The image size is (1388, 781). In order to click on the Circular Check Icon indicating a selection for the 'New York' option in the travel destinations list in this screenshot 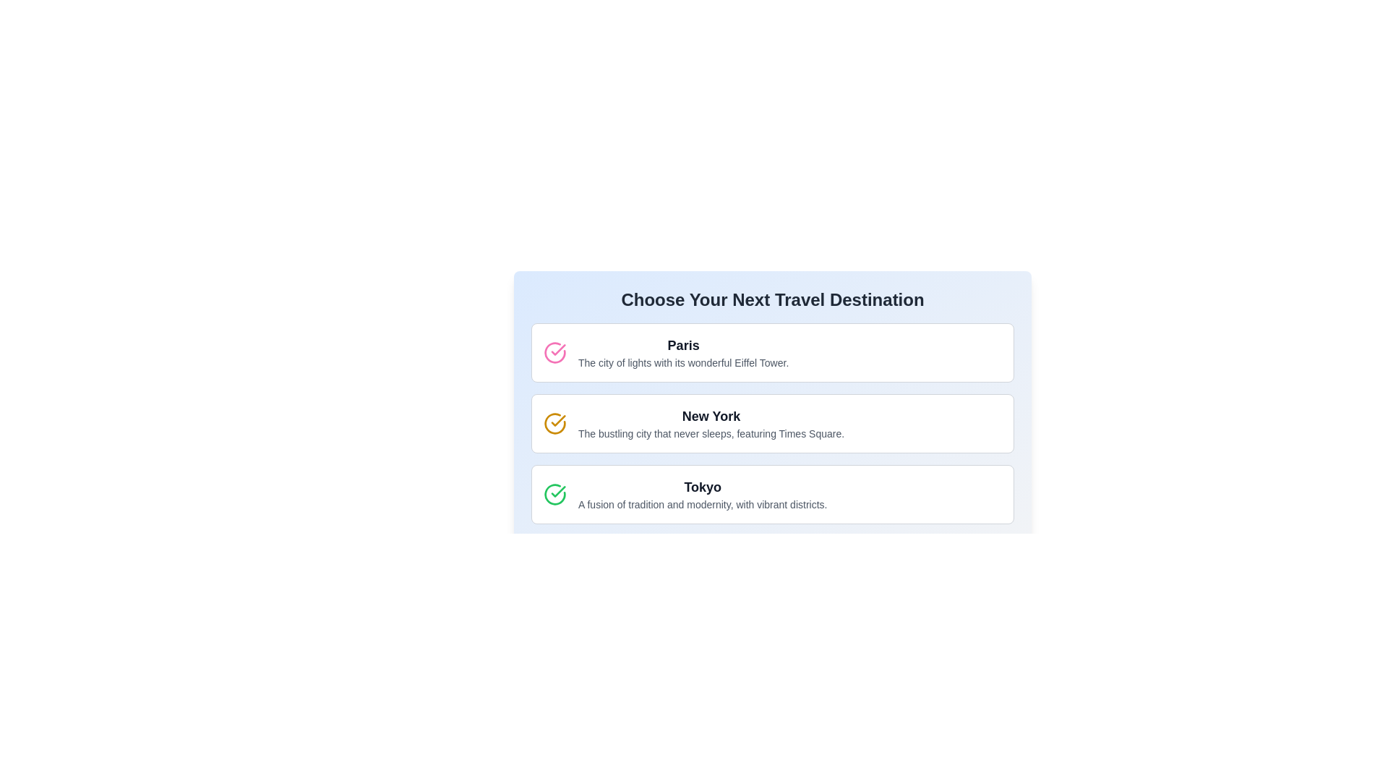, I will do `click(554, 423)`.